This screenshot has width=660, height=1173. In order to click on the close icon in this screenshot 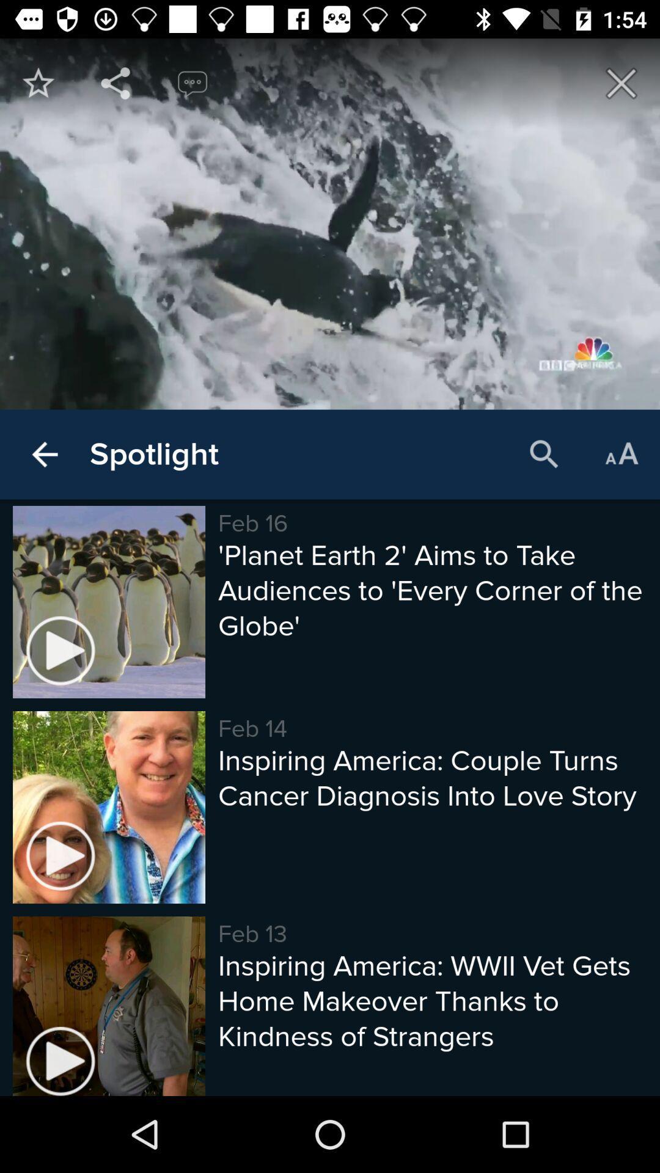, I will do `click(621, 82)`.